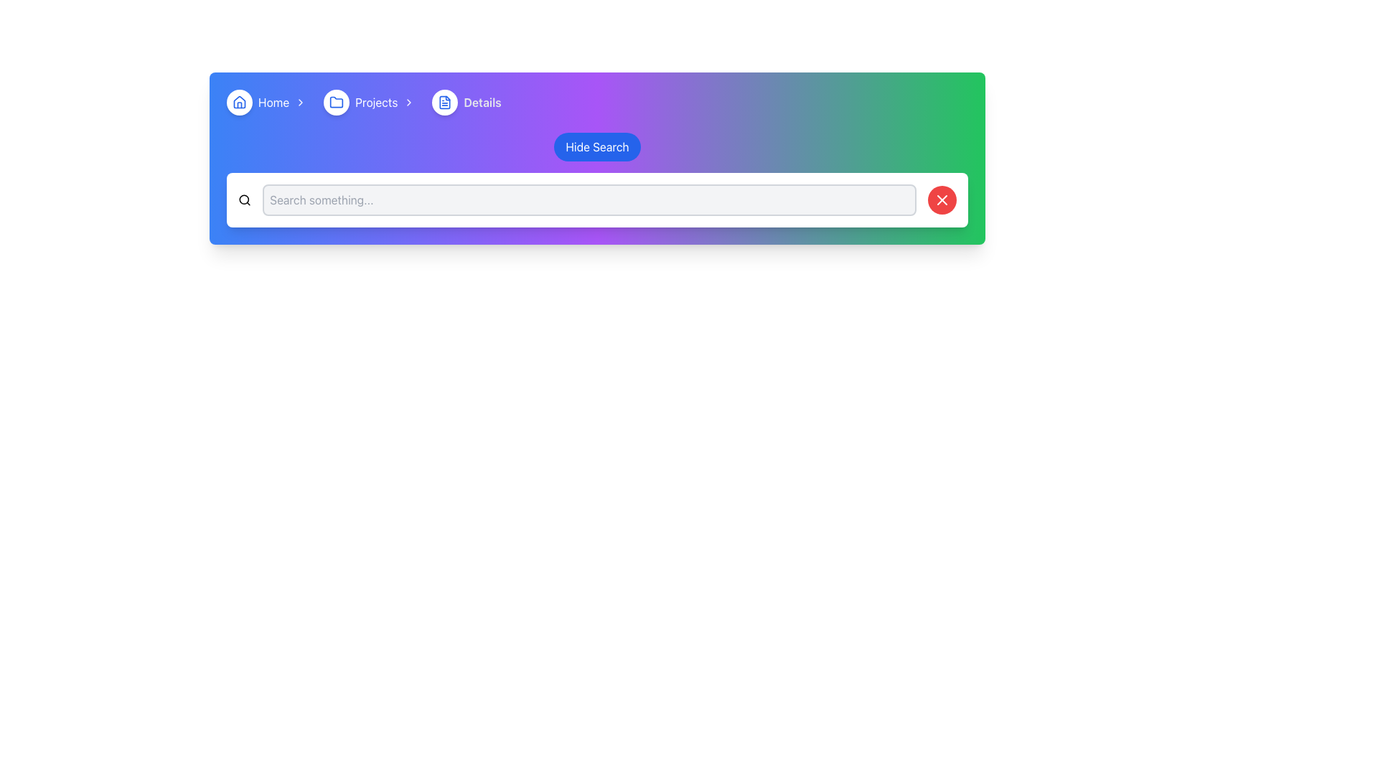 This screenshot has height=775, width=1378. Describe the element at coordinates (467, 101) in the screenshot. I see `the 'Details' breadcrumb link` at that location.